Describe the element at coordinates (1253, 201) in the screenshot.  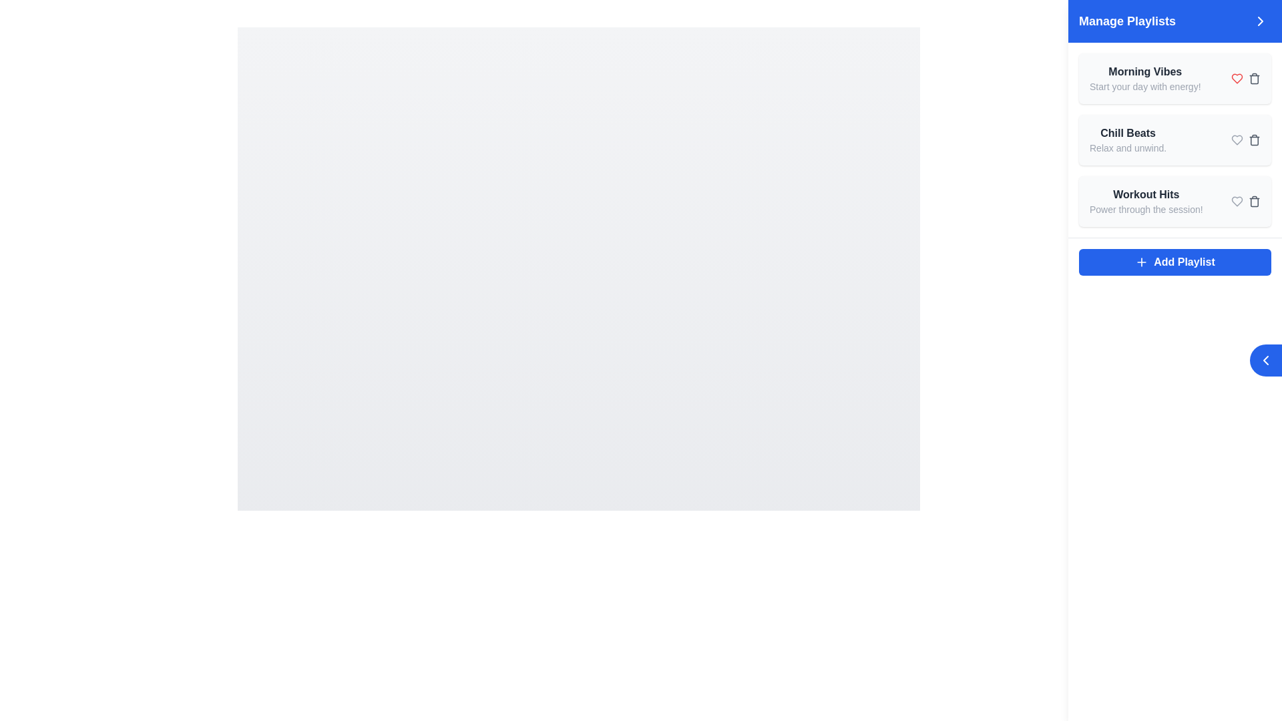
I see `the trash can icon located within the 'Workout Hits' playlist control to change its color to blue` at that location.